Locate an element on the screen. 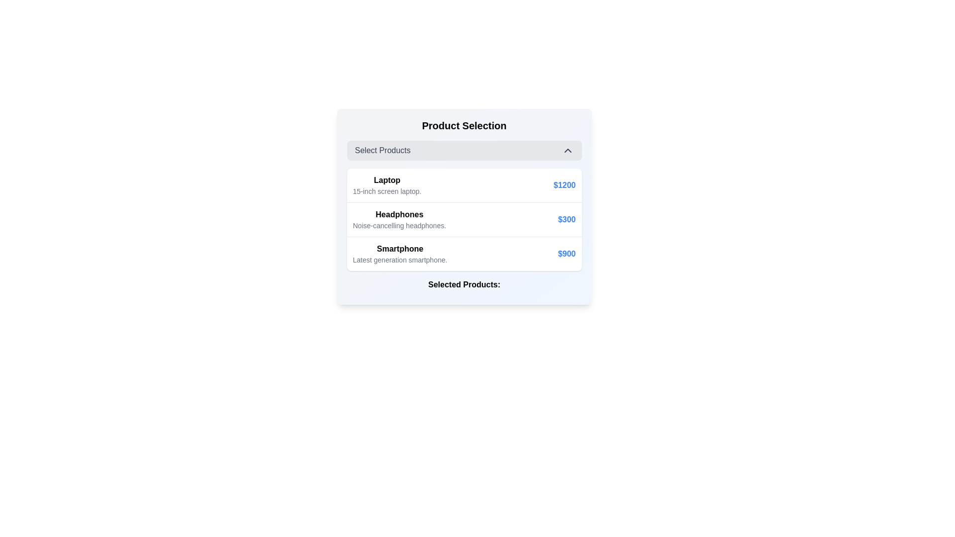 This screenshot has height=537, width=955. the 'Headphones' text block is located at coordinates (399, 219).